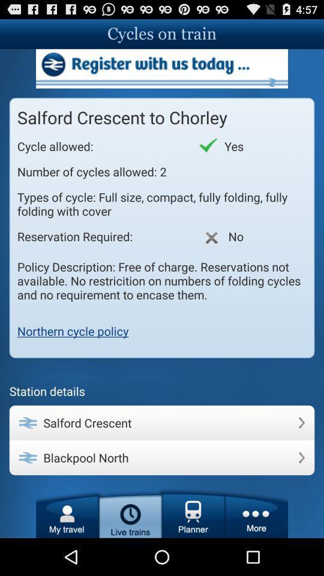  I want to click on the more icon, so click(256, 548).